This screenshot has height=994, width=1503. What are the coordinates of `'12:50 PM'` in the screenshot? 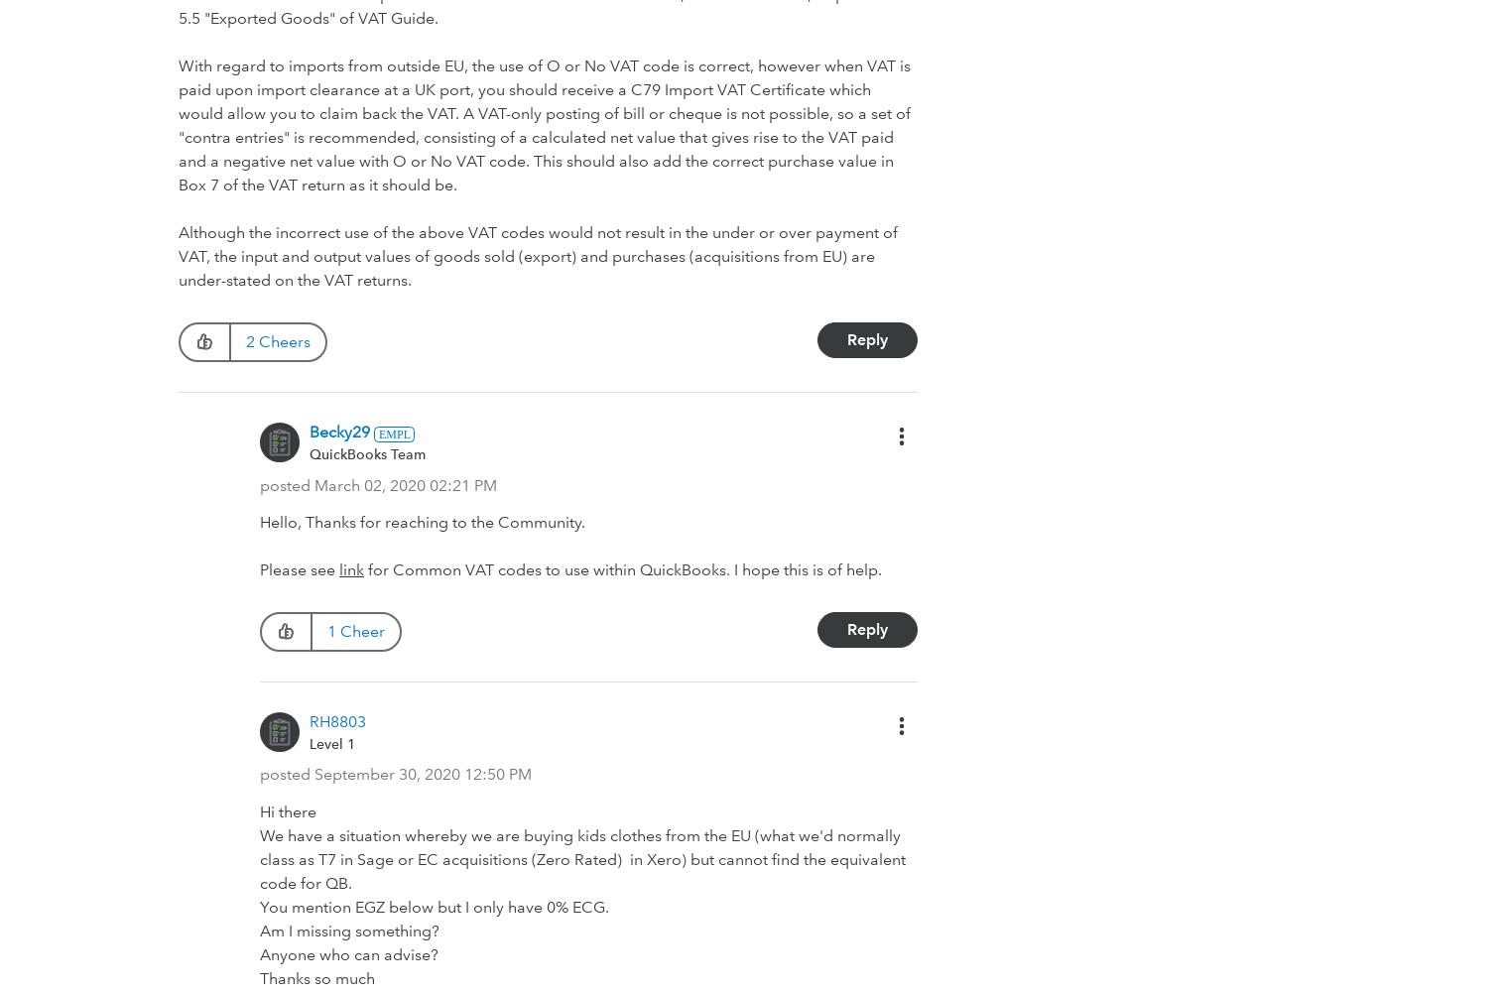 It's located at (498, 773).